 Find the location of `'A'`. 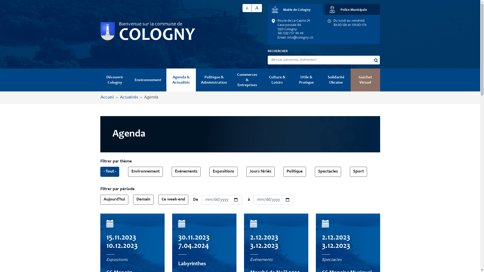

'A' is located at coordinates (256, 8).